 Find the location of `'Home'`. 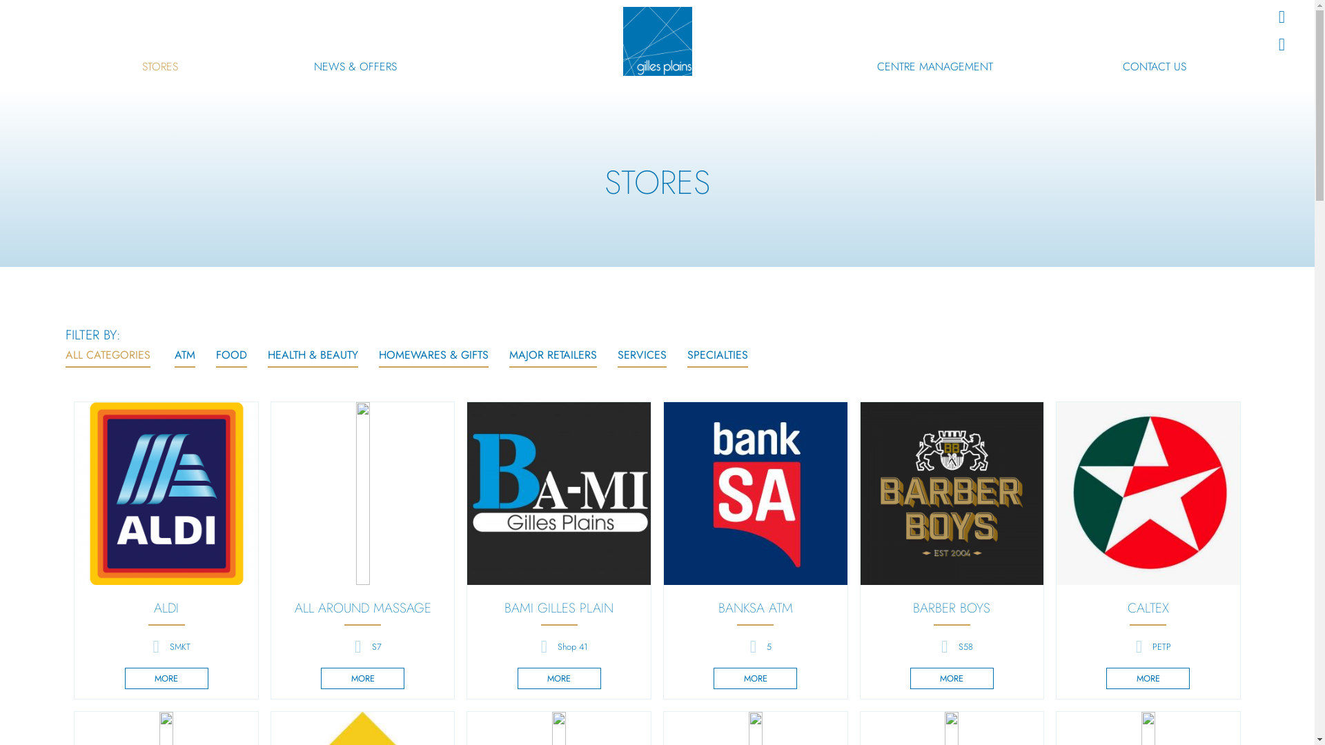

'Home' is located at coordinates (656, 41).